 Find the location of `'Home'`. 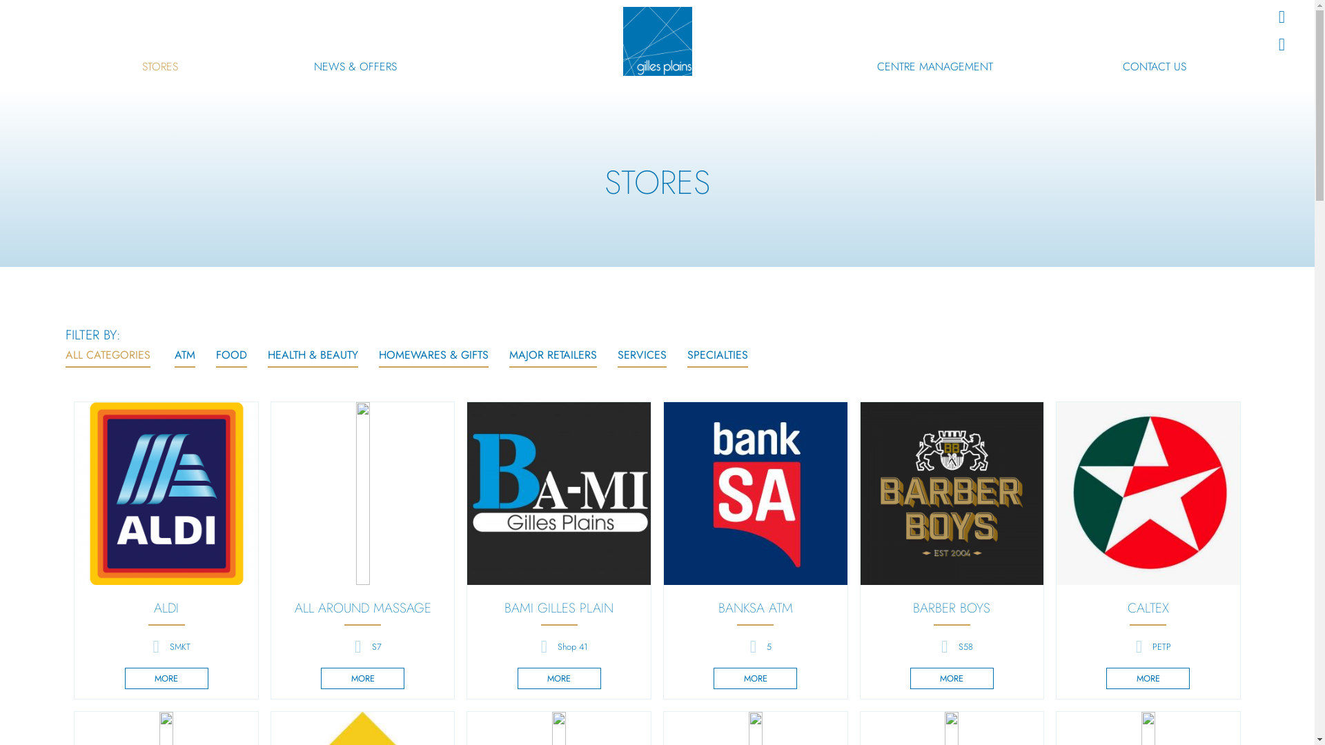

'Home' is located at coordinates (656, 41).